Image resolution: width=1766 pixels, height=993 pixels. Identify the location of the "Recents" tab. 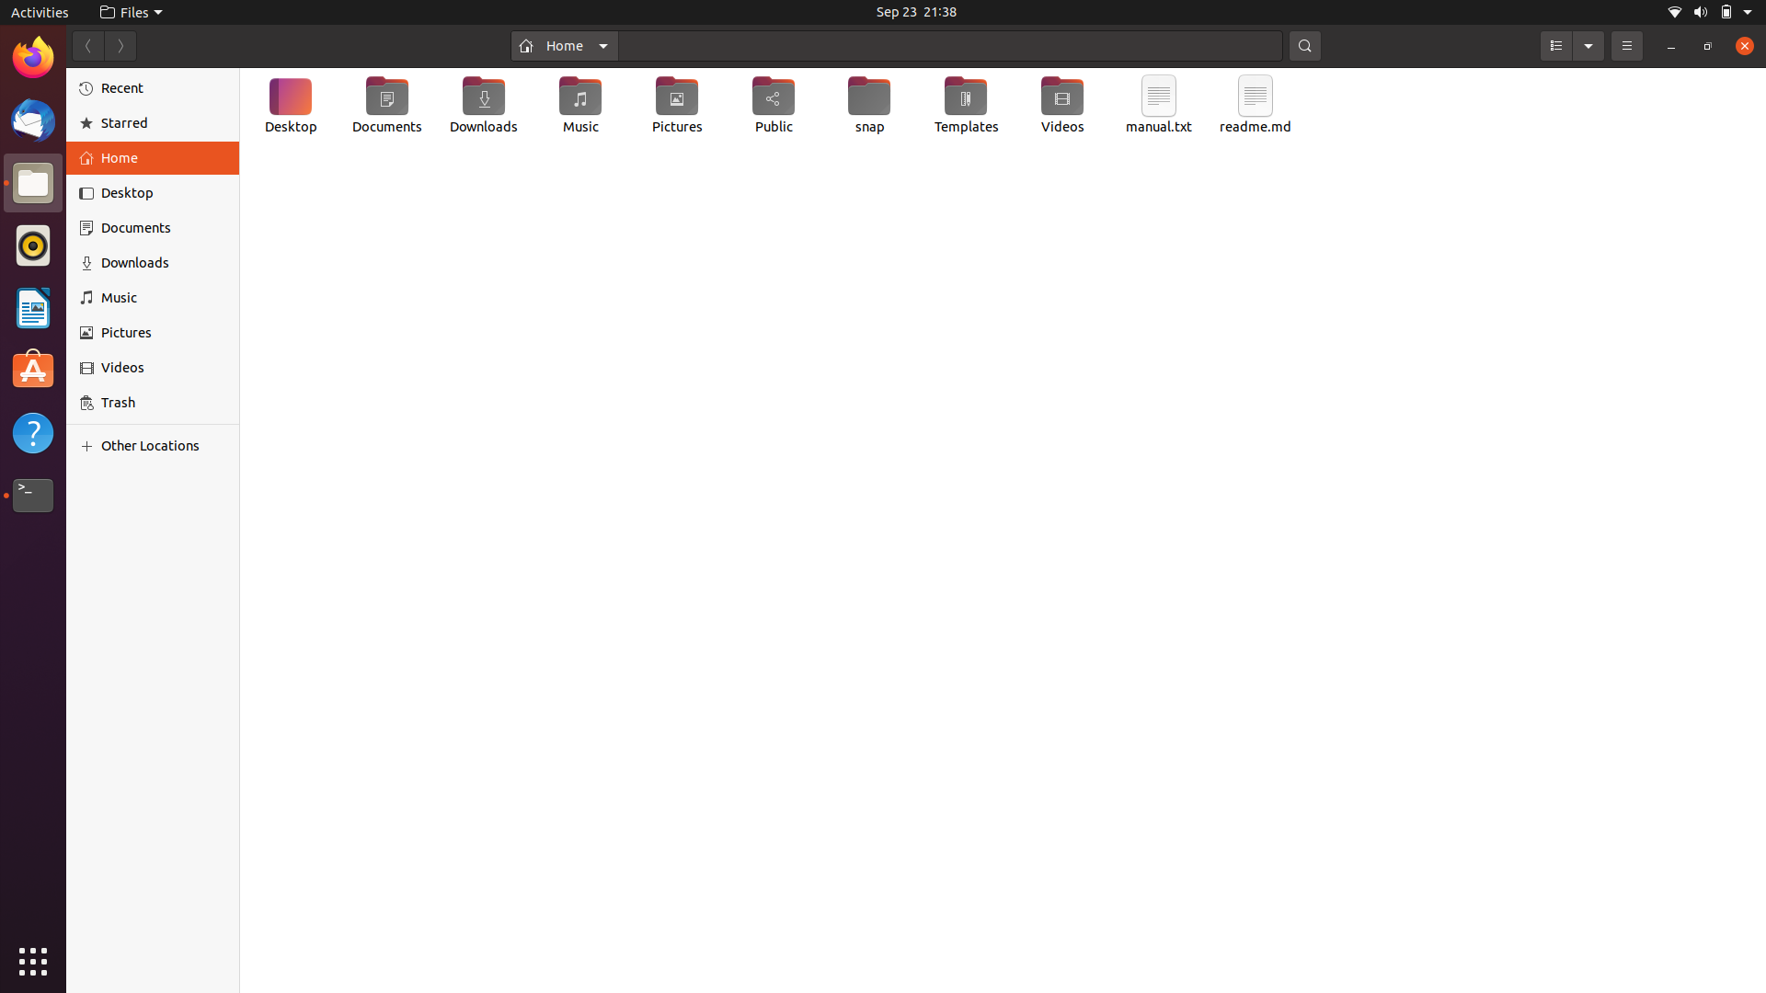
(153, 86).